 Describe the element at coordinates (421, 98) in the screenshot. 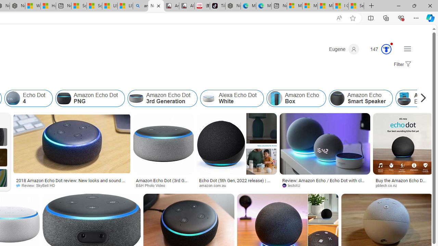

I see `'Scroll right'` at that location.